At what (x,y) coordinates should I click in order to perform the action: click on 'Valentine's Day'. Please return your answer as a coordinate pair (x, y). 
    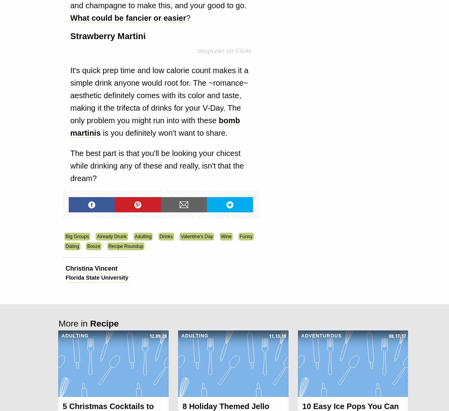
    Looking at the image, I should click on (197, 236).